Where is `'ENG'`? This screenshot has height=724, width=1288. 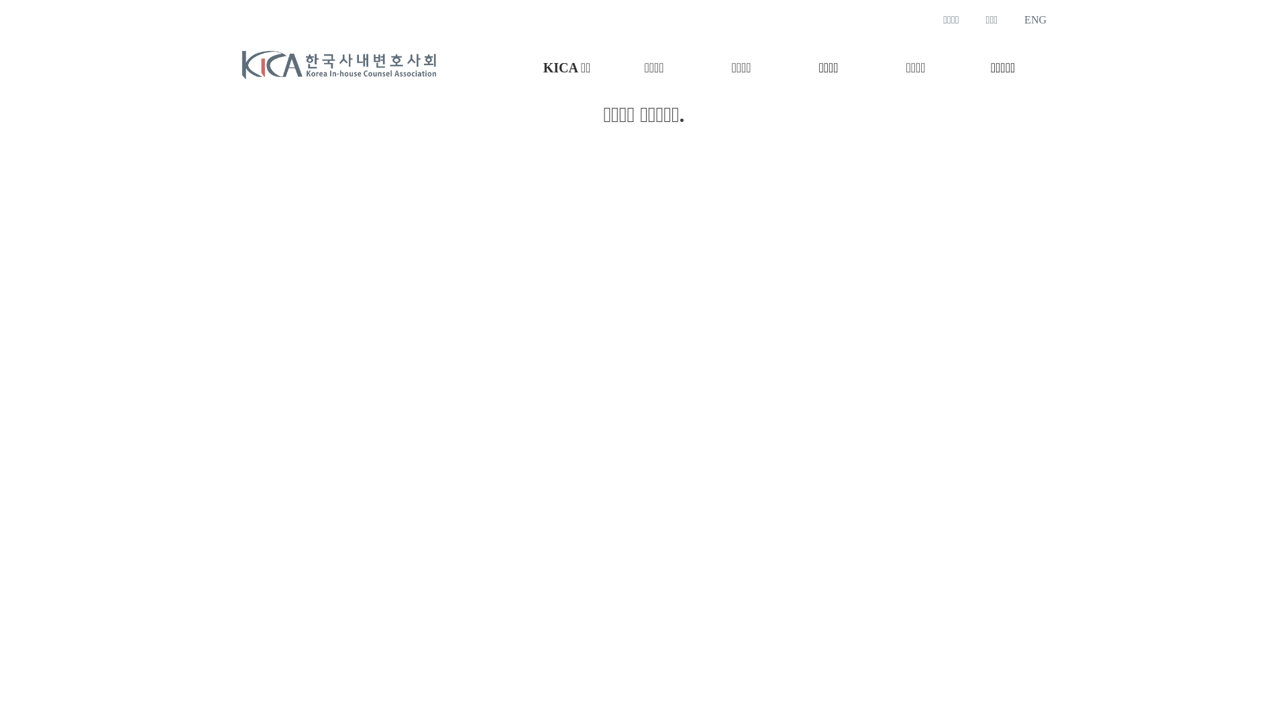 'ENG' is located at coordinates (1023, 20).